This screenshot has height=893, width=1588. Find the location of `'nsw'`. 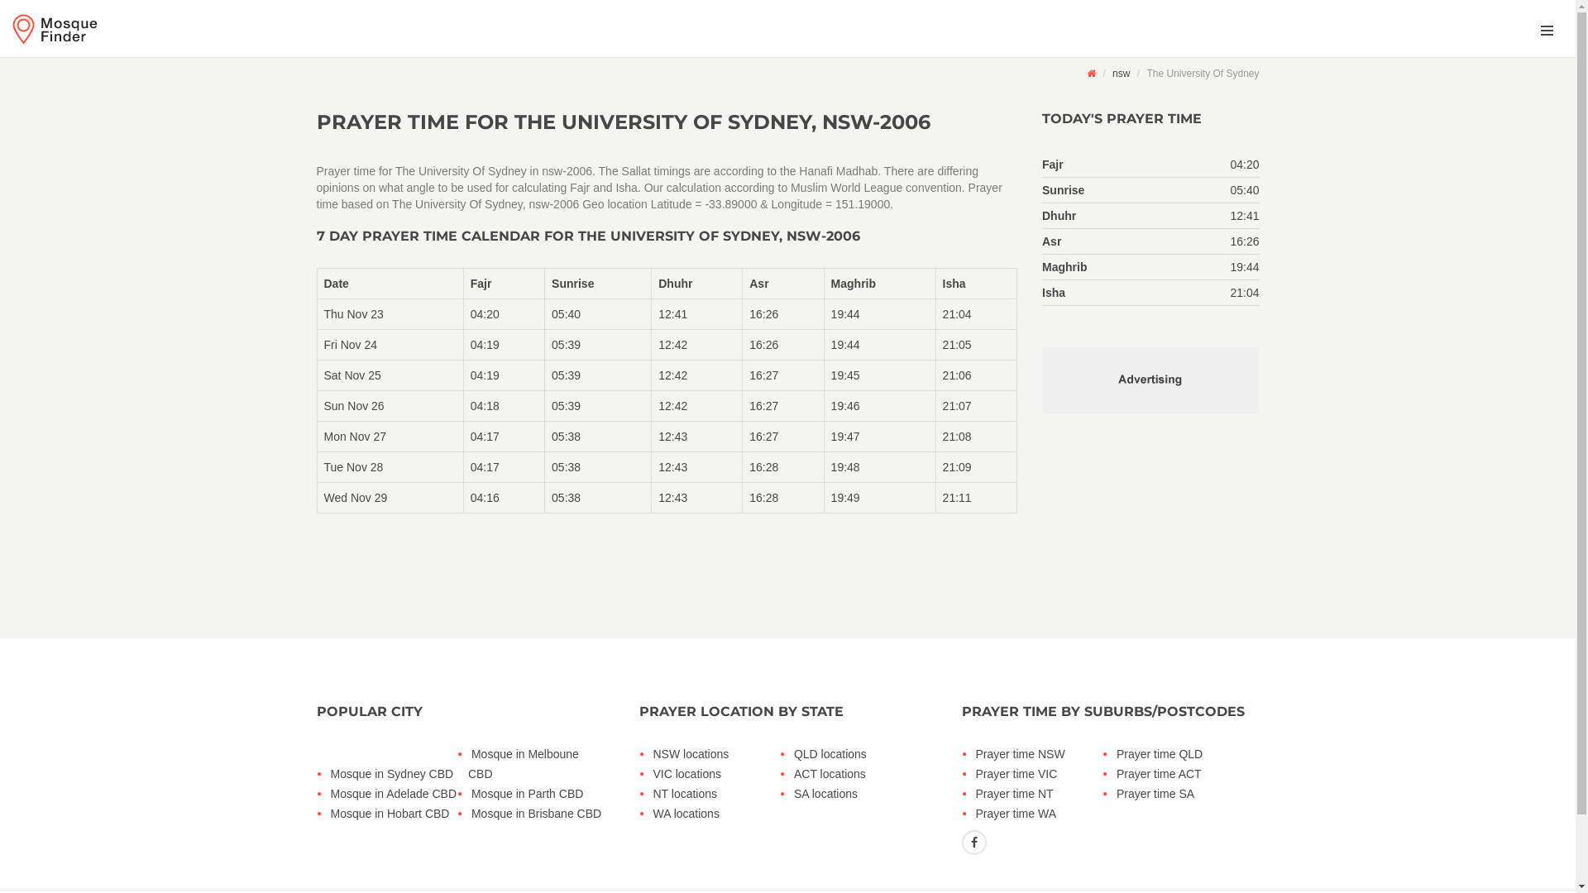

'nsw' is located at coordinates (1121, 72).